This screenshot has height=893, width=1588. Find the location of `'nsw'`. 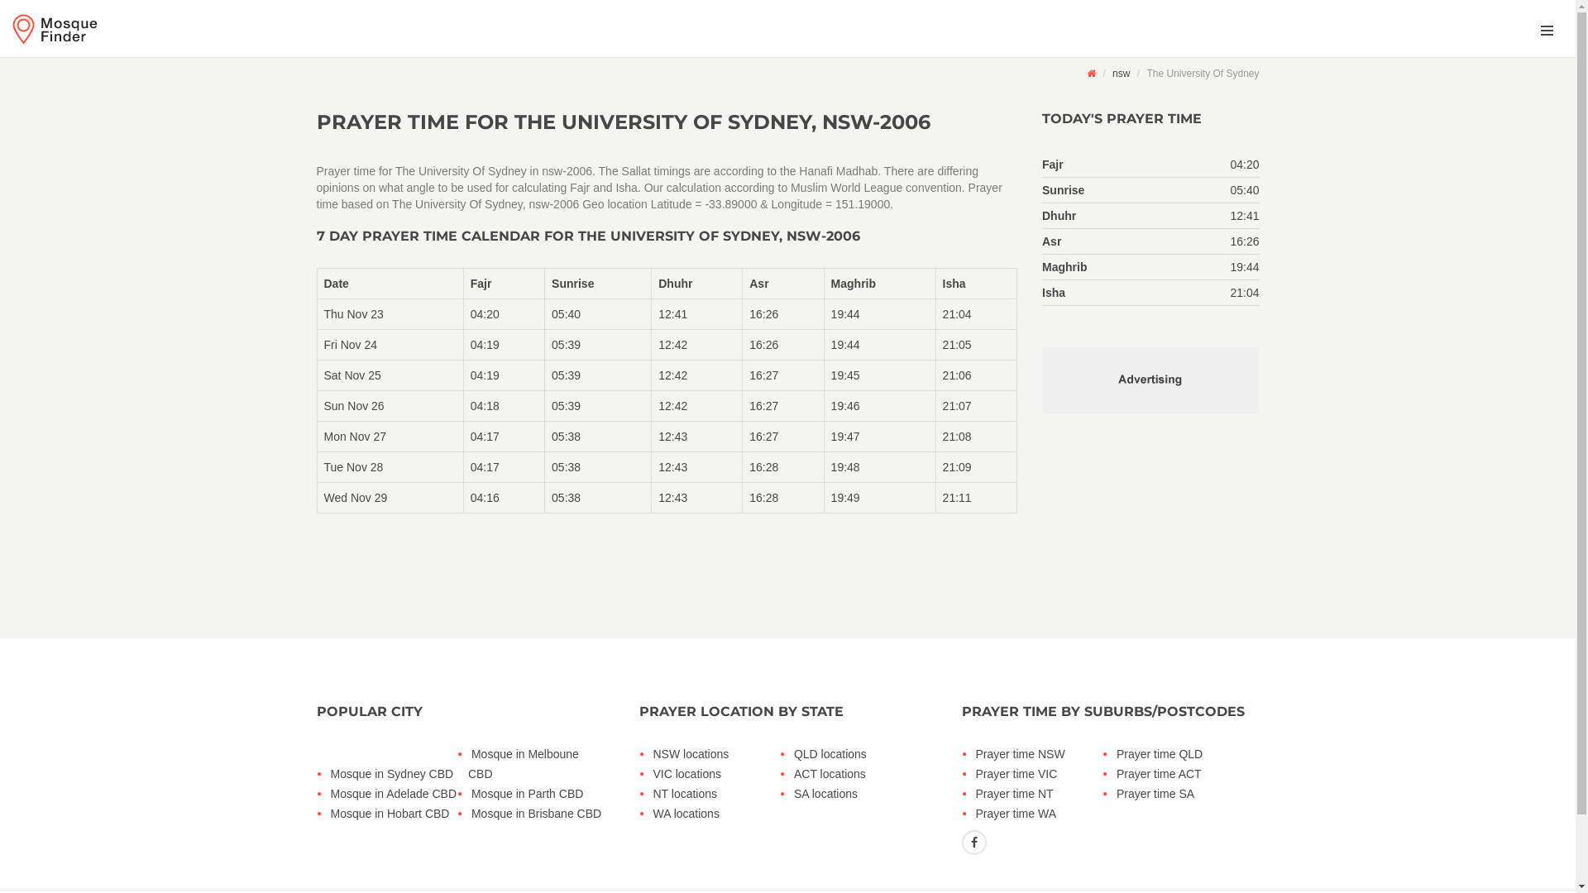

'nsw' is located at coordinates (1121, 72).